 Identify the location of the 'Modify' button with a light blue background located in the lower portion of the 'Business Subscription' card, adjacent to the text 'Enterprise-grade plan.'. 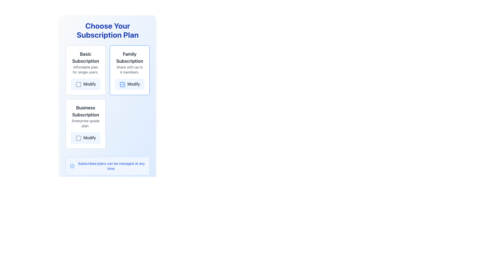
(86, 138).